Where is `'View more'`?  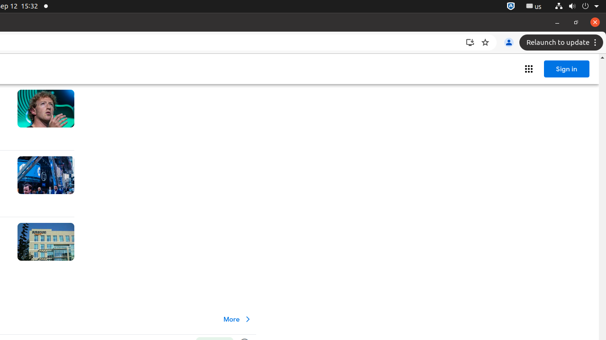 'View more' is located at coordinates (238, 319).